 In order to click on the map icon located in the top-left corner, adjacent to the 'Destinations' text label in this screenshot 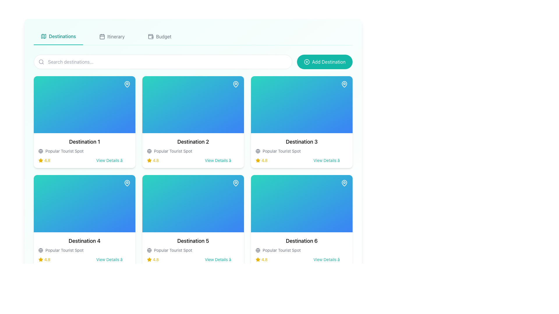, I will do `click(43, 36)`.